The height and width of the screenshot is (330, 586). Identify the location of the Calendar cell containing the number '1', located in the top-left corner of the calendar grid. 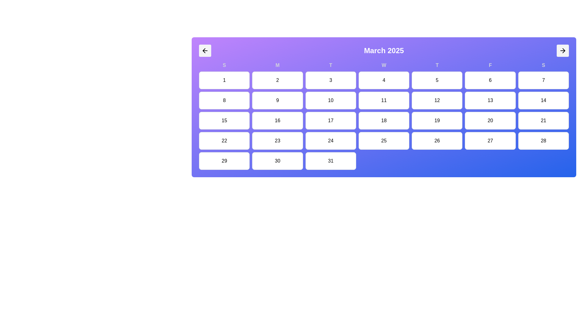
(224, 80).